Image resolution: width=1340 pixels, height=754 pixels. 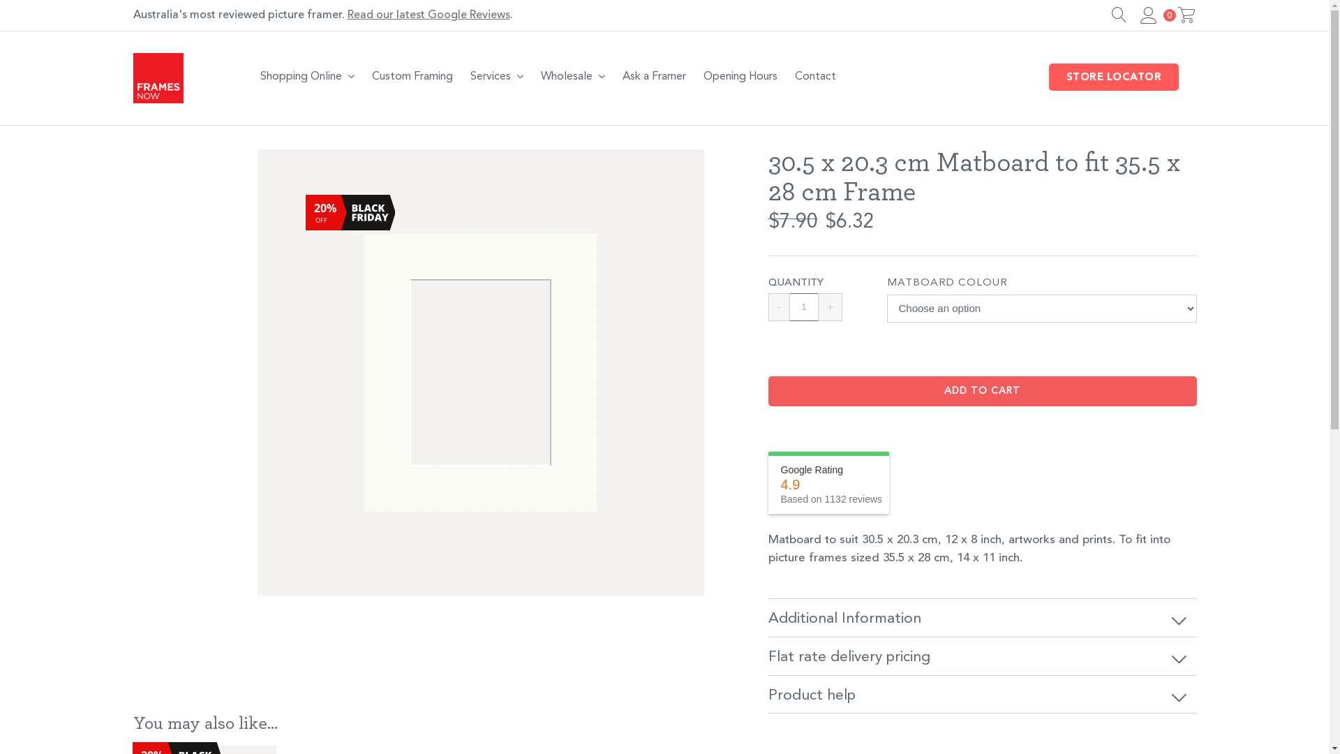 I want to click on 'Contact', so click(x=815, y=77).